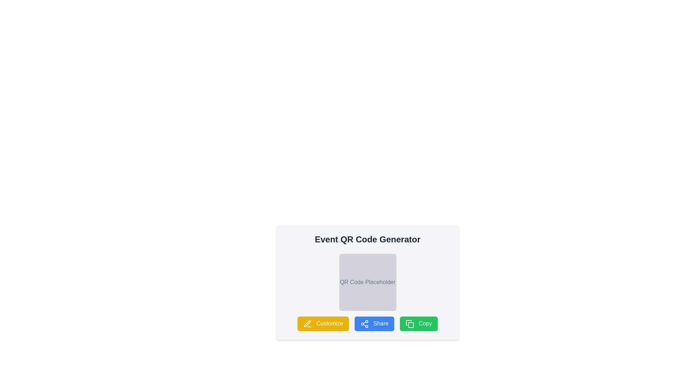 The height and width of the screenshot is (385, 685). Describe the element at coordinates (419, 324) in the screenshot. I see `the third button in the horizontal row at the bottom of the 'Event QR Code Generator' card to initiate the copying action for the displayed QR code content` at that location.